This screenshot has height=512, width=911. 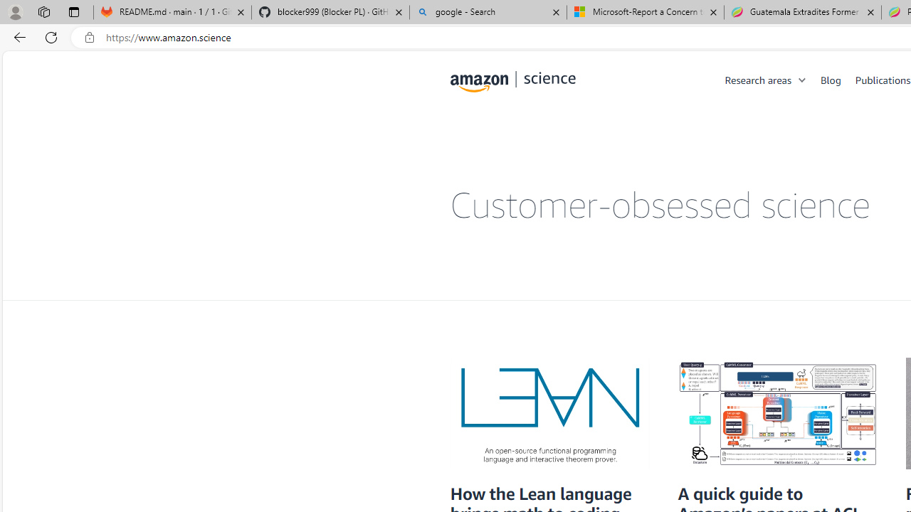 I want to click on 'Research areas', so click(x=772, y=79).